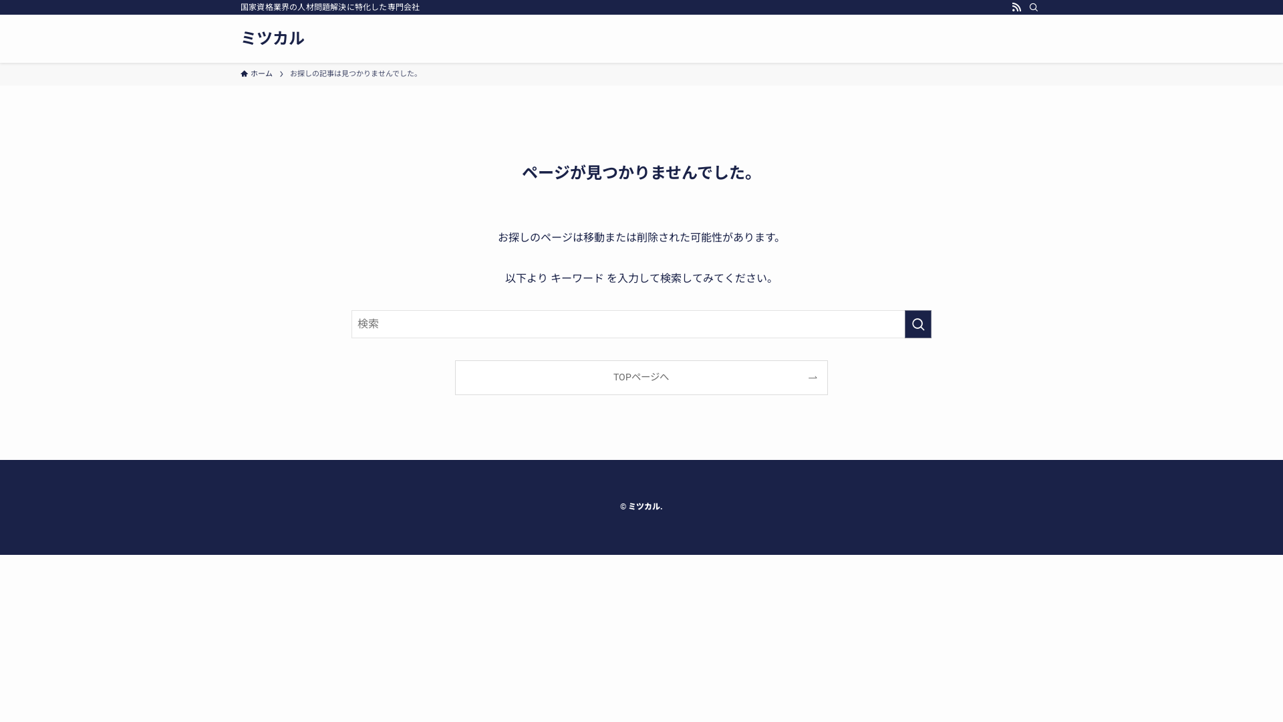  Describe the element at coordinates (917, 324) in the screenshot. I see `'search'` at that location.